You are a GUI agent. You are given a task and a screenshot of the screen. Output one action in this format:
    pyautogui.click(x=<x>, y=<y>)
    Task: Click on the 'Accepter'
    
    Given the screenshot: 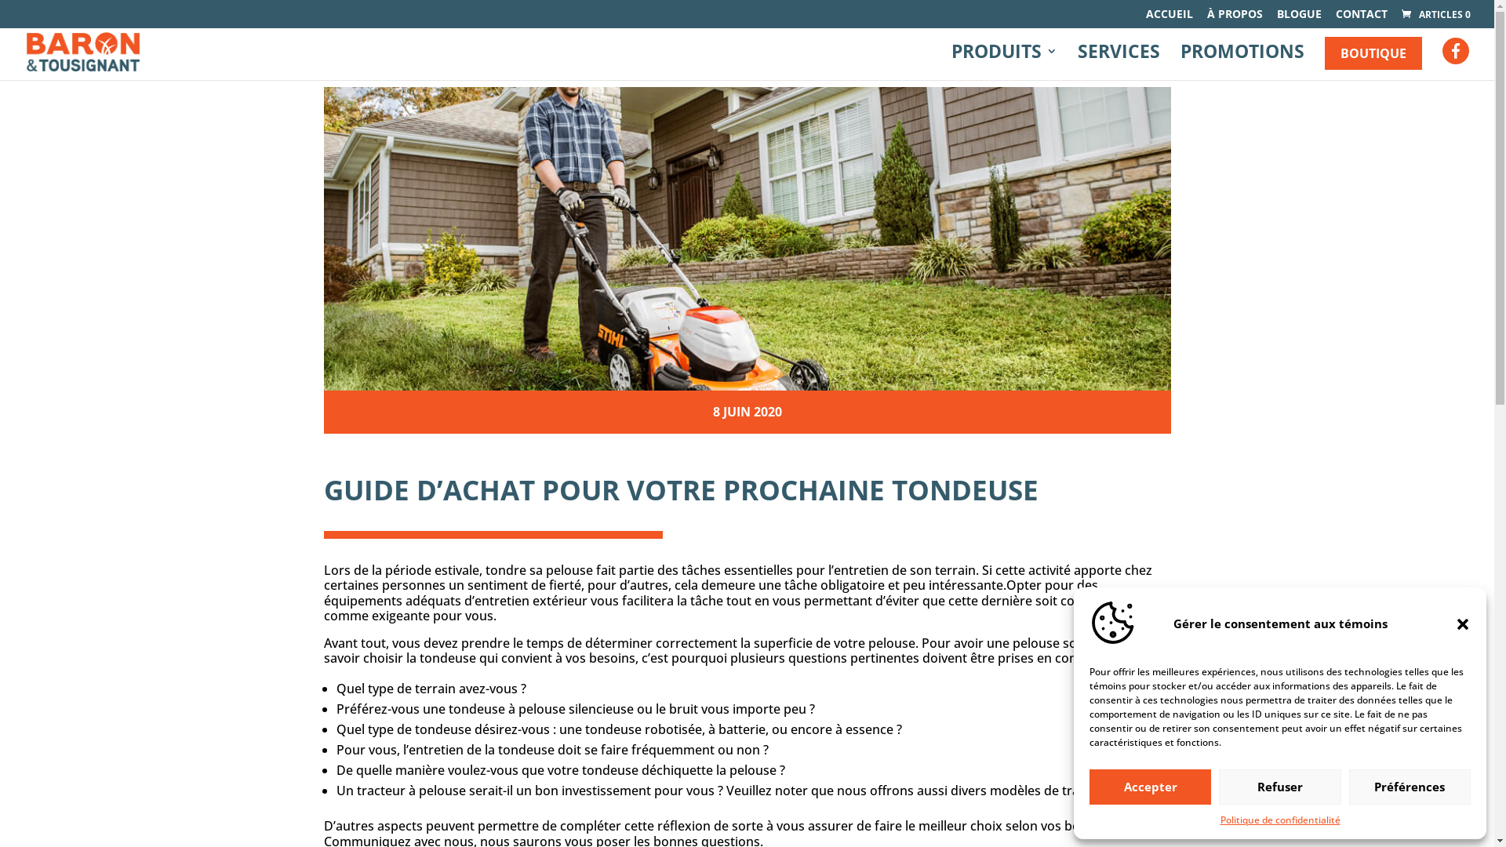 What is the action you would take?
    pyautogui.click(x=1150, y=787)
    